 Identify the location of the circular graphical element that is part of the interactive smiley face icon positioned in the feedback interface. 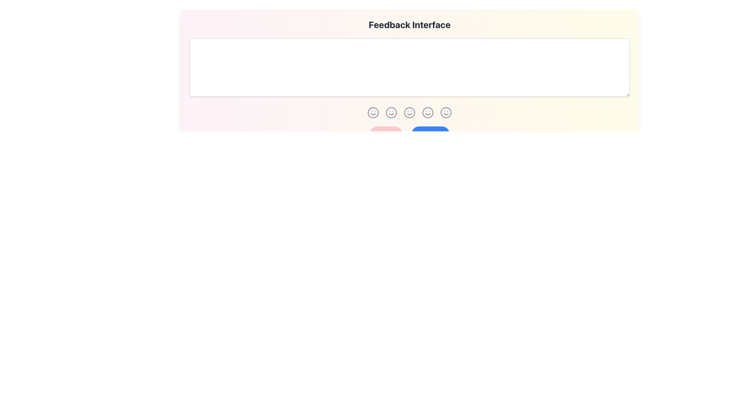
(391, 113).